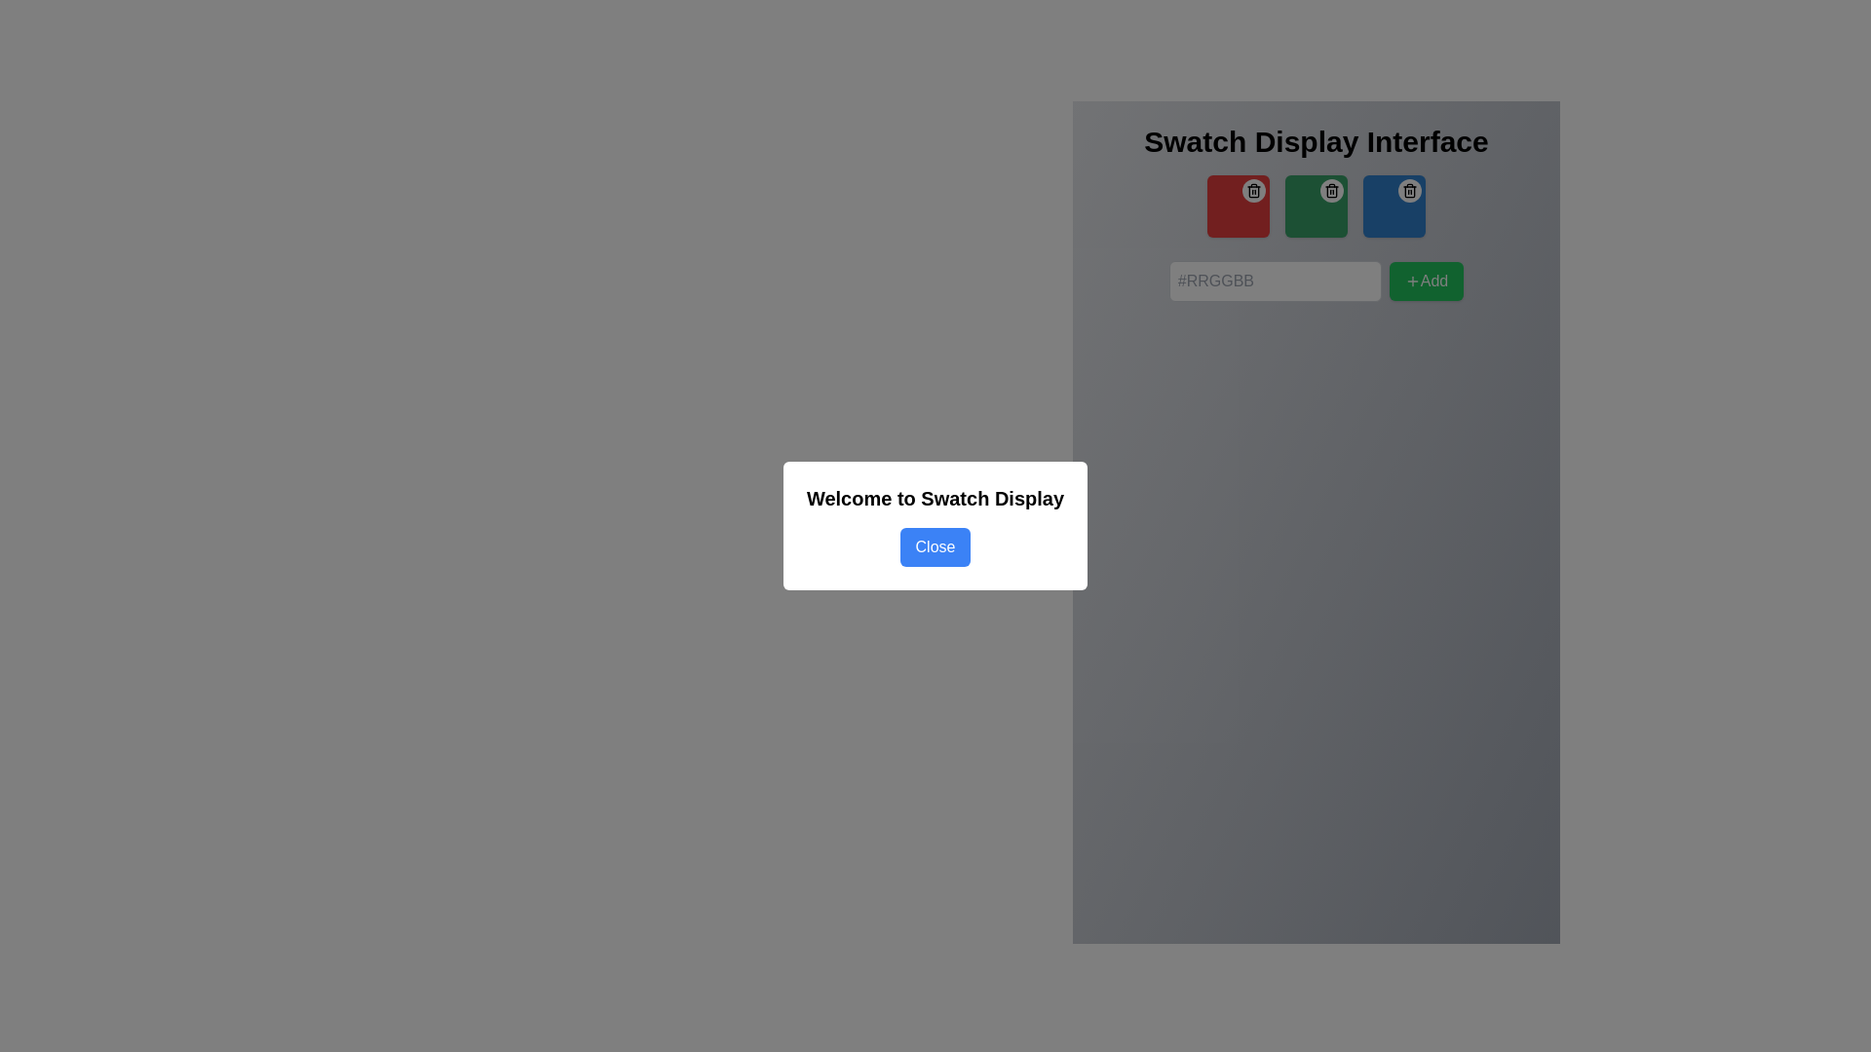 This screenshot has height=1052, width=1871. I want to click on the green rectangular button labeled '+ Add' with a plus icon, located on the right side of the row, to observe its hover effects, so click(1427, 282).